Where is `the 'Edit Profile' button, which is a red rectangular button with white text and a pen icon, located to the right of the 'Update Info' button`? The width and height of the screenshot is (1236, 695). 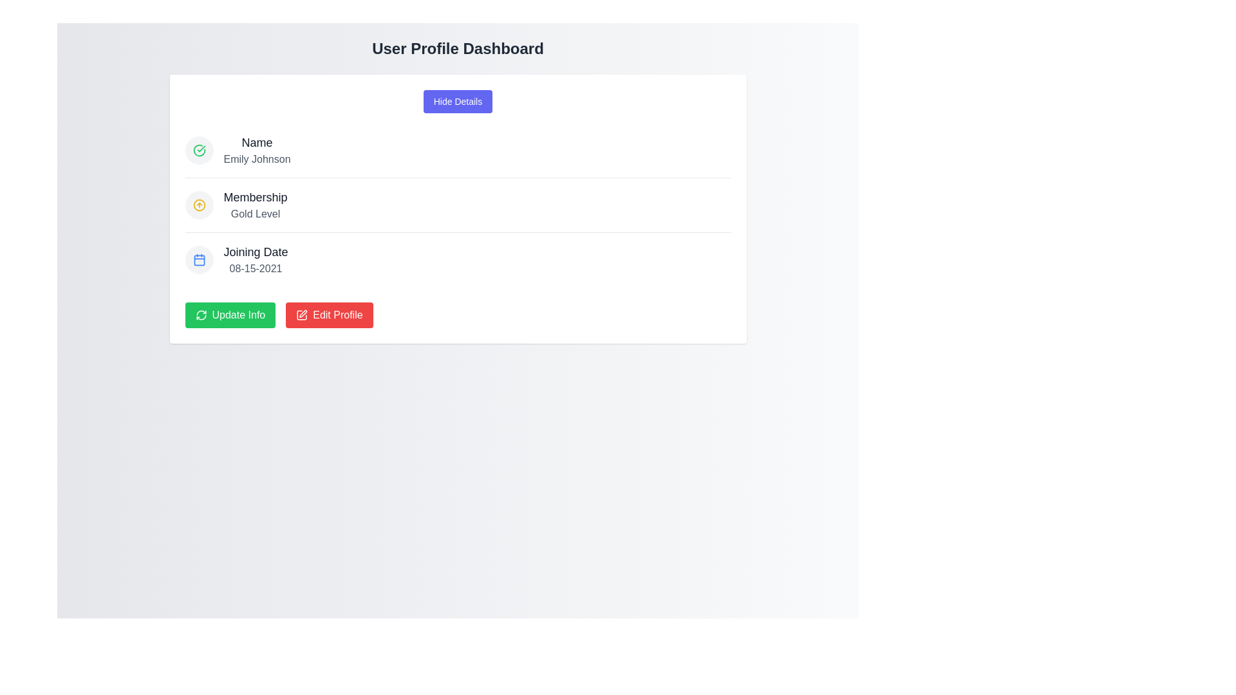
the 'Edit Profile' button, which is a red rectangular button with white text and a pen icon, located to the right of the 'Update Info' button is located at coordinates (329, 315).